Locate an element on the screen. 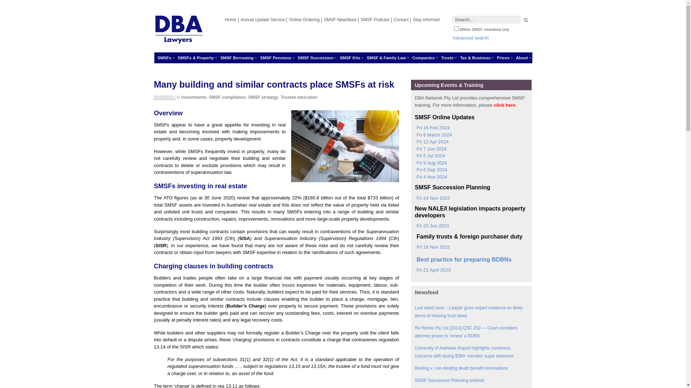 This screenshot has width=691, height=388. 'Fri 4 Nov 2024' is located at coordinates (430, 177).